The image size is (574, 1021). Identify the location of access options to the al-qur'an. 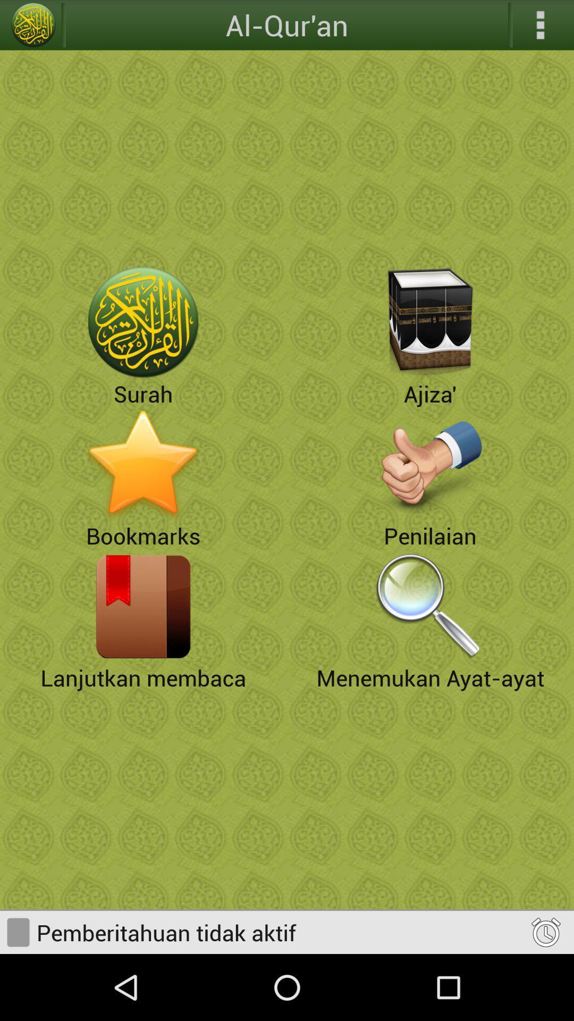
(541, 25).